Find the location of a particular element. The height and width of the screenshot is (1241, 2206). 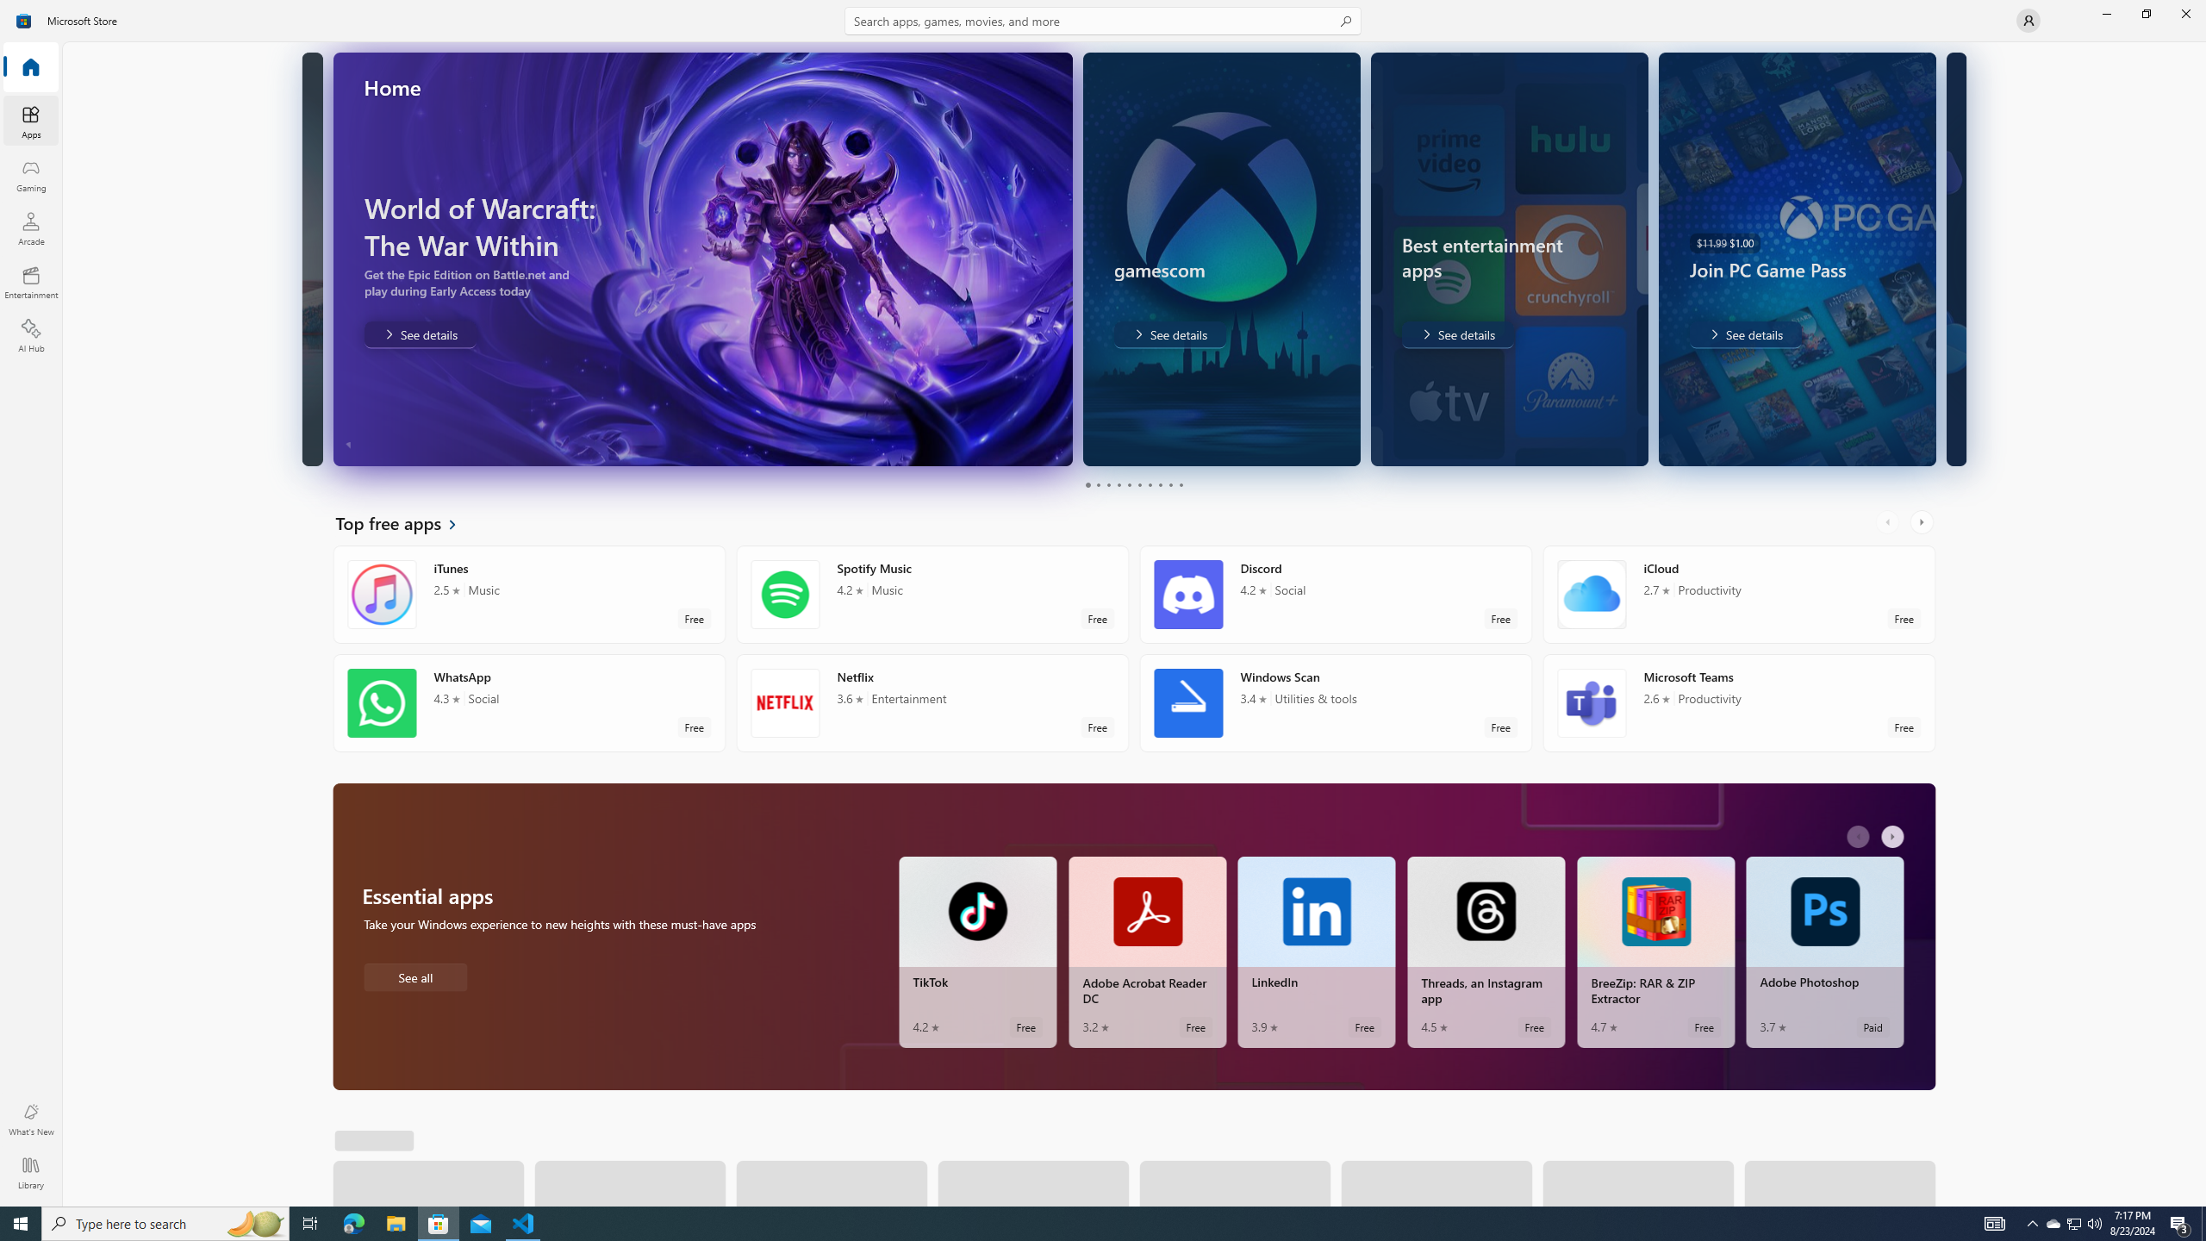

'Discord. Average rating of 4.2 out of five stars. Free  ' is located at coordinates (1335, 594).